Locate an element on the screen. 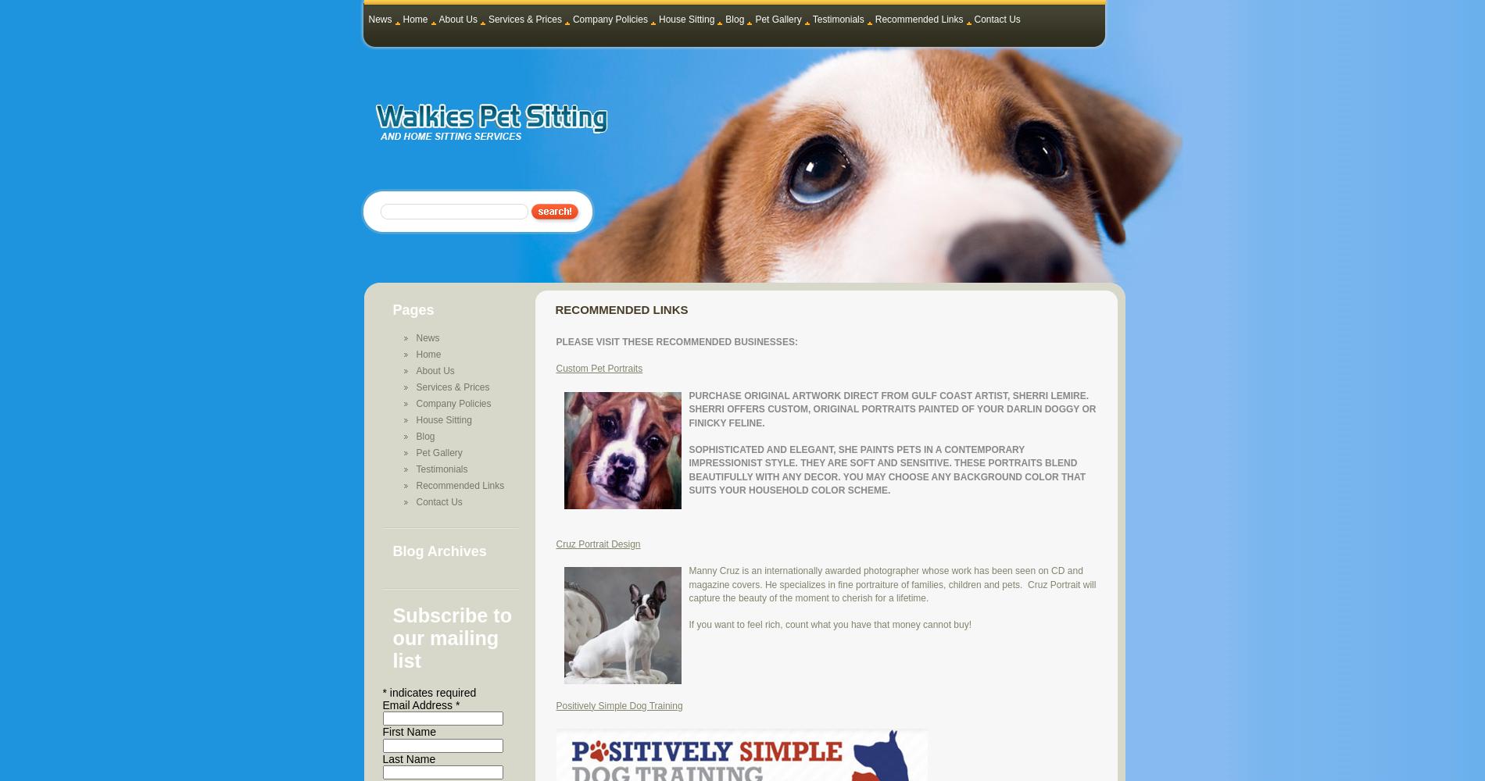  'Pages' is located at coordinates (392, 310).